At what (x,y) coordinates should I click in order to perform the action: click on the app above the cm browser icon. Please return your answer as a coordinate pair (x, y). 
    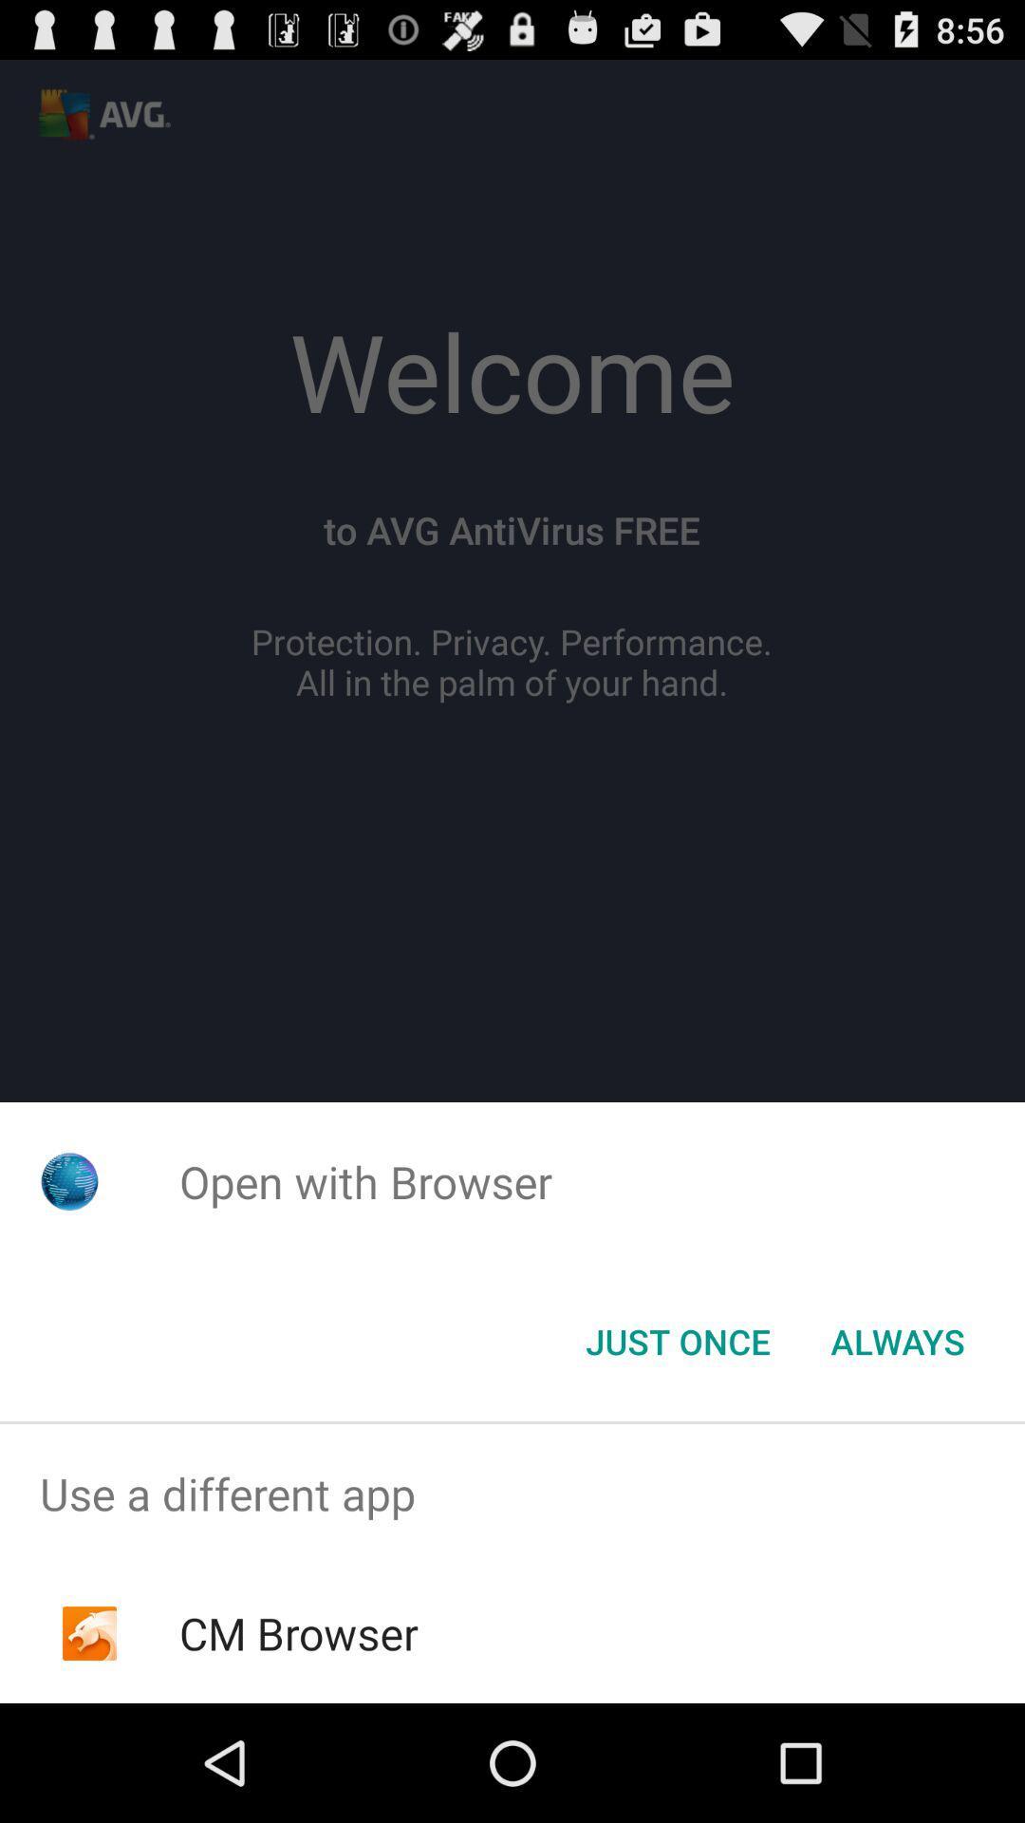
    Looking at the image, I should click on (512, 1493).